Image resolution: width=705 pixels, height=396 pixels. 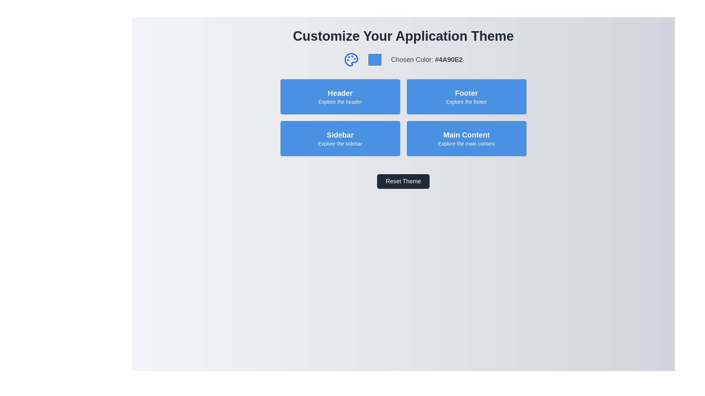 What do you see at coordinates (340, 93) in the screenshot?
I see `text 'Header' located in a bold white font within a blue rounded rectangle at the top of the panel` at bounding box center [340, 93].